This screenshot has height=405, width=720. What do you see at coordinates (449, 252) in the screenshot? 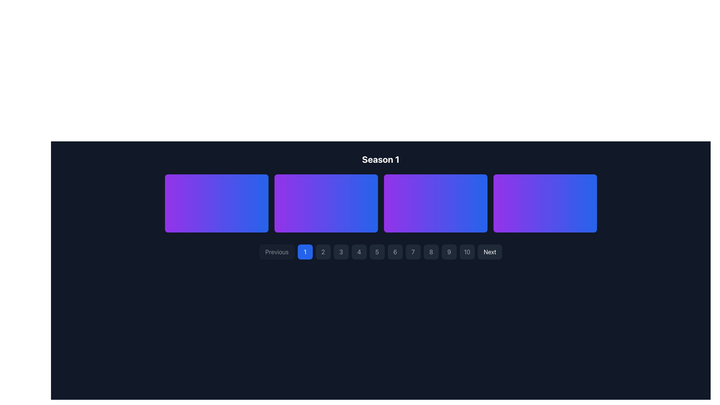
I see `the ninth pagination button located in the horizontal pagination bar at the bottom center of the interface` at bounding box center [449, 252].